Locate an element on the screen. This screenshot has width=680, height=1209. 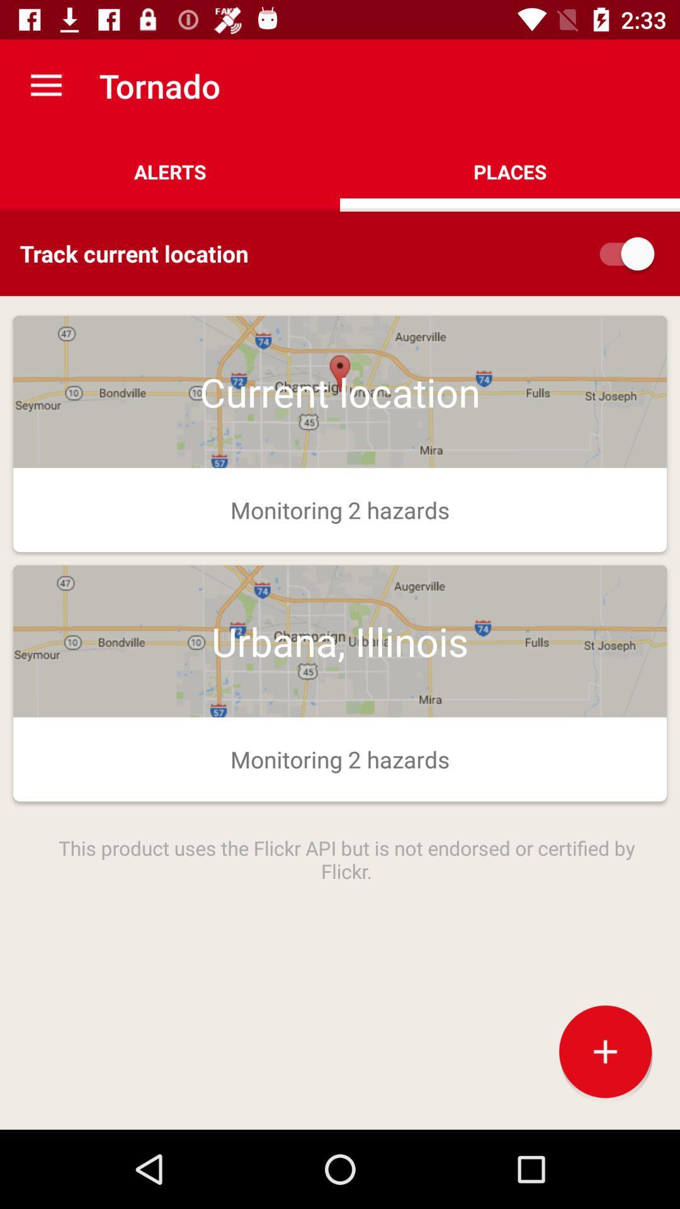
icon above track current location icon is located at coordinates (170, 171).